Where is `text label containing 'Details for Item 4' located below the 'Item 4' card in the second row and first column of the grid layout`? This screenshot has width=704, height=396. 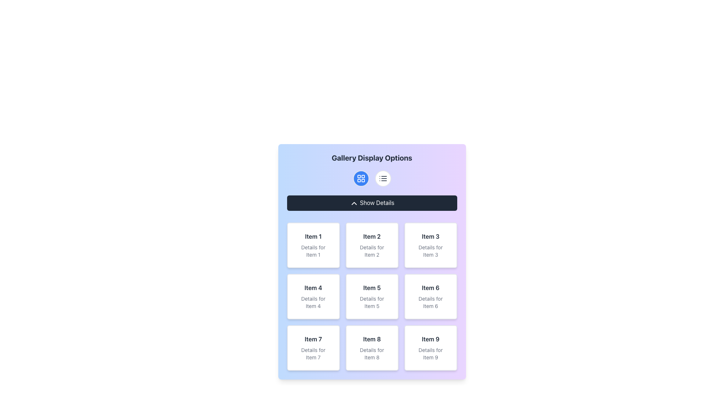 text label containing 'Details for Item 4' located below the 'Item 4' card in the second row and first column of the grid layout is located at coordinates (313, 302).